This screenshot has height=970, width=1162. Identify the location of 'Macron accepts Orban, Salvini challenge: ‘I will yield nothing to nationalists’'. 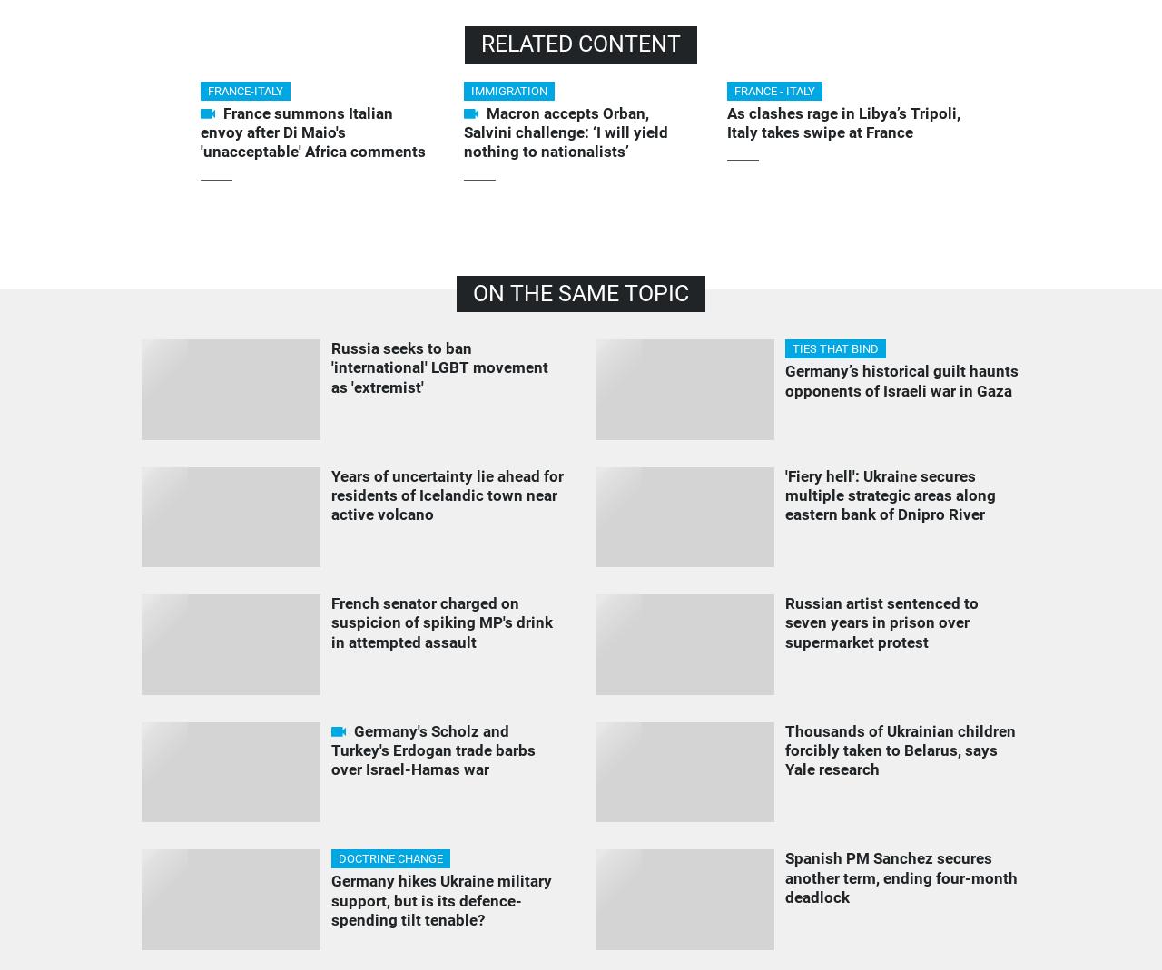
(462, 132).